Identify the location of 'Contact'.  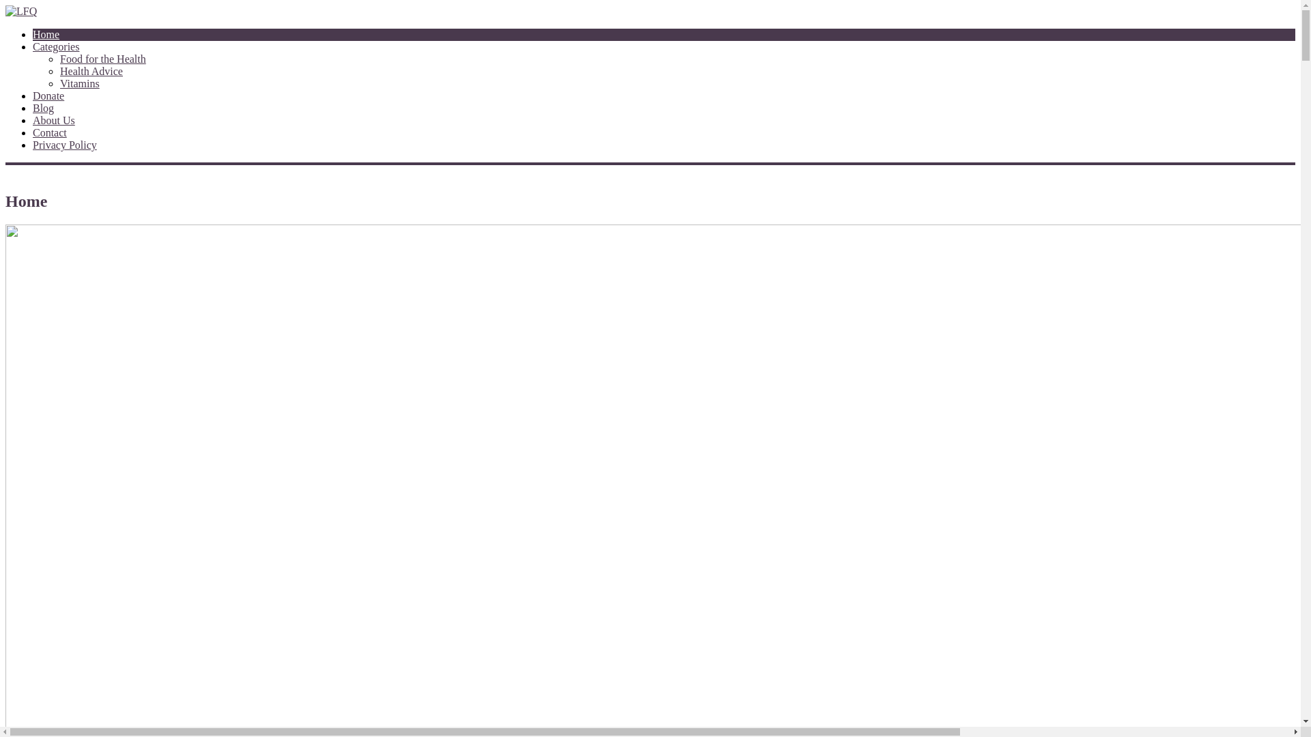
(49, 132).